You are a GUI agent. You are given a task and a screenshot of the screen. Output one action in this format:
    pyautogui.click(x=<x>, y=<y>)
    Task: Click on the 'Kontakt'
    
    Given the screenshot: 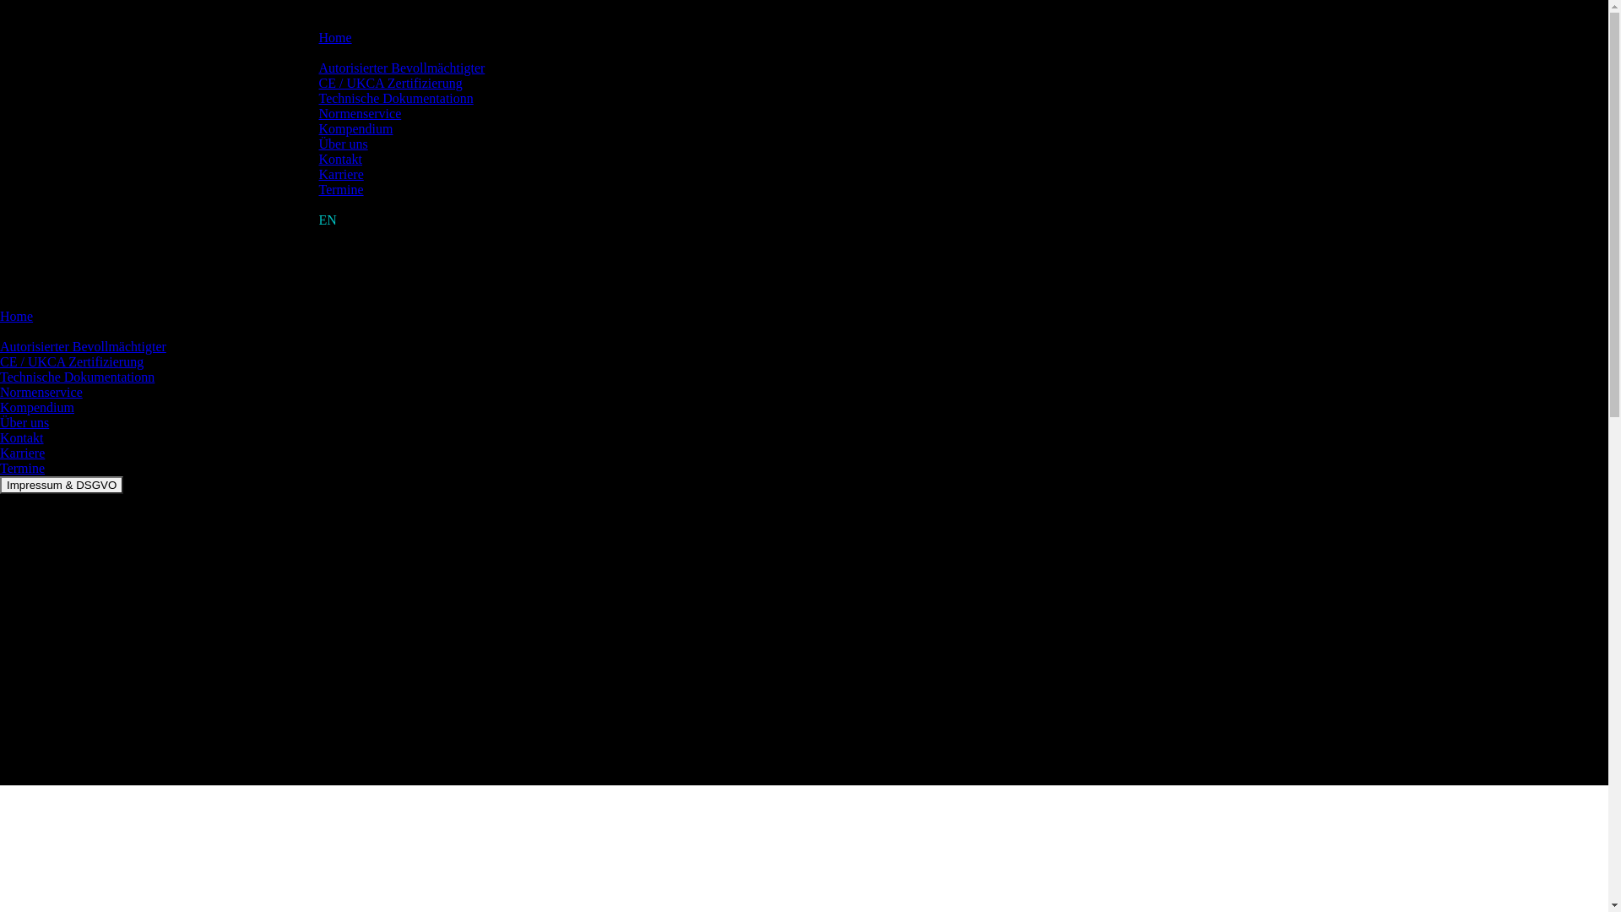 What is the action you would take?
    pyautogui.click(x=339, y=159)
    